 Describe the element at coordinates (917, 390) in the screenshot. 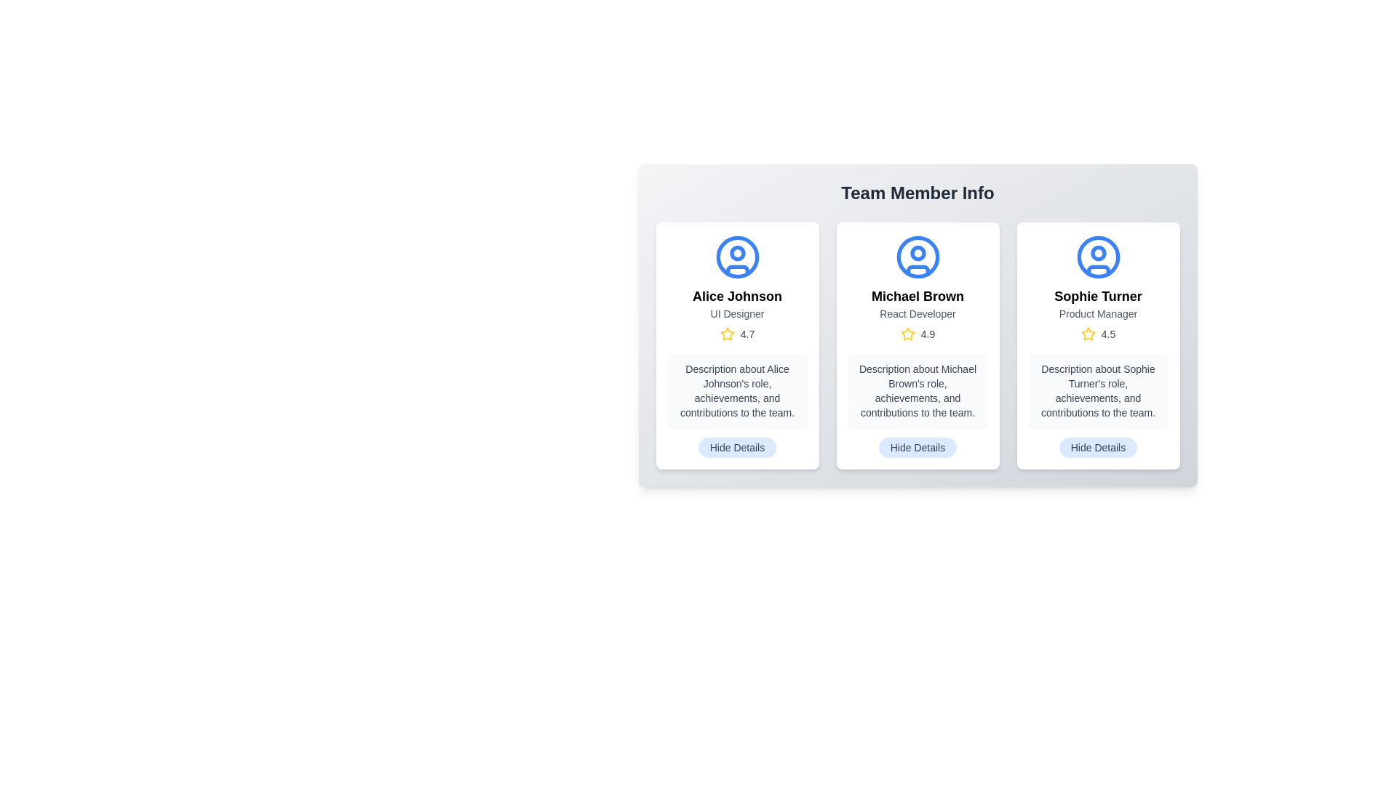

I see `the text block presenting information about Michael Brown, located in the middle card of a three-card layout, positioned below the rating of 4.9 and above the 'Hide Details' button` at that location.